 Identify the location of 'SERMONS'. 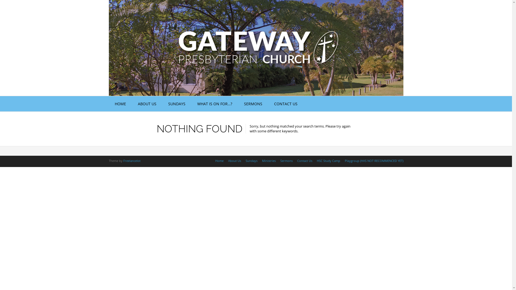
(253, 104).